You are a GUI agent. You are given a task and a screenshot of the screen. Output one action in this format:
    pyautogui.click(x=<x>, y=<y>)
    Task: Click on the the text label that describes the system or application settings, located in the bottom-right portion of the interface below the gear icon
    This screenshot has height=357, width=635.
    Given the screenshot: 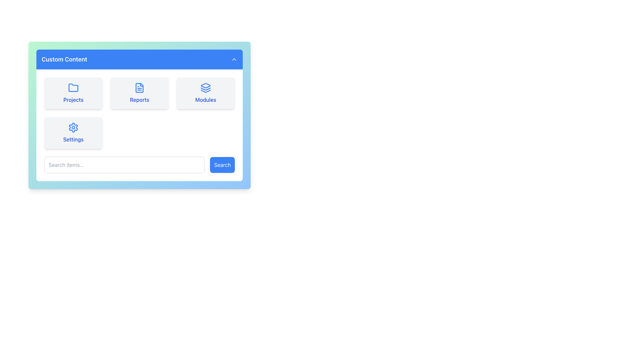 What is the action you would take?
    pyautogui.click(x=73, y=139)
    